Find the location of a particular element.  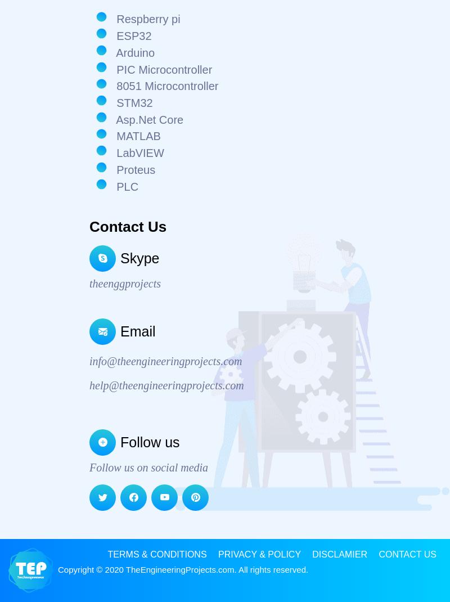

'Arduino' is located at coordinates (112, 52).